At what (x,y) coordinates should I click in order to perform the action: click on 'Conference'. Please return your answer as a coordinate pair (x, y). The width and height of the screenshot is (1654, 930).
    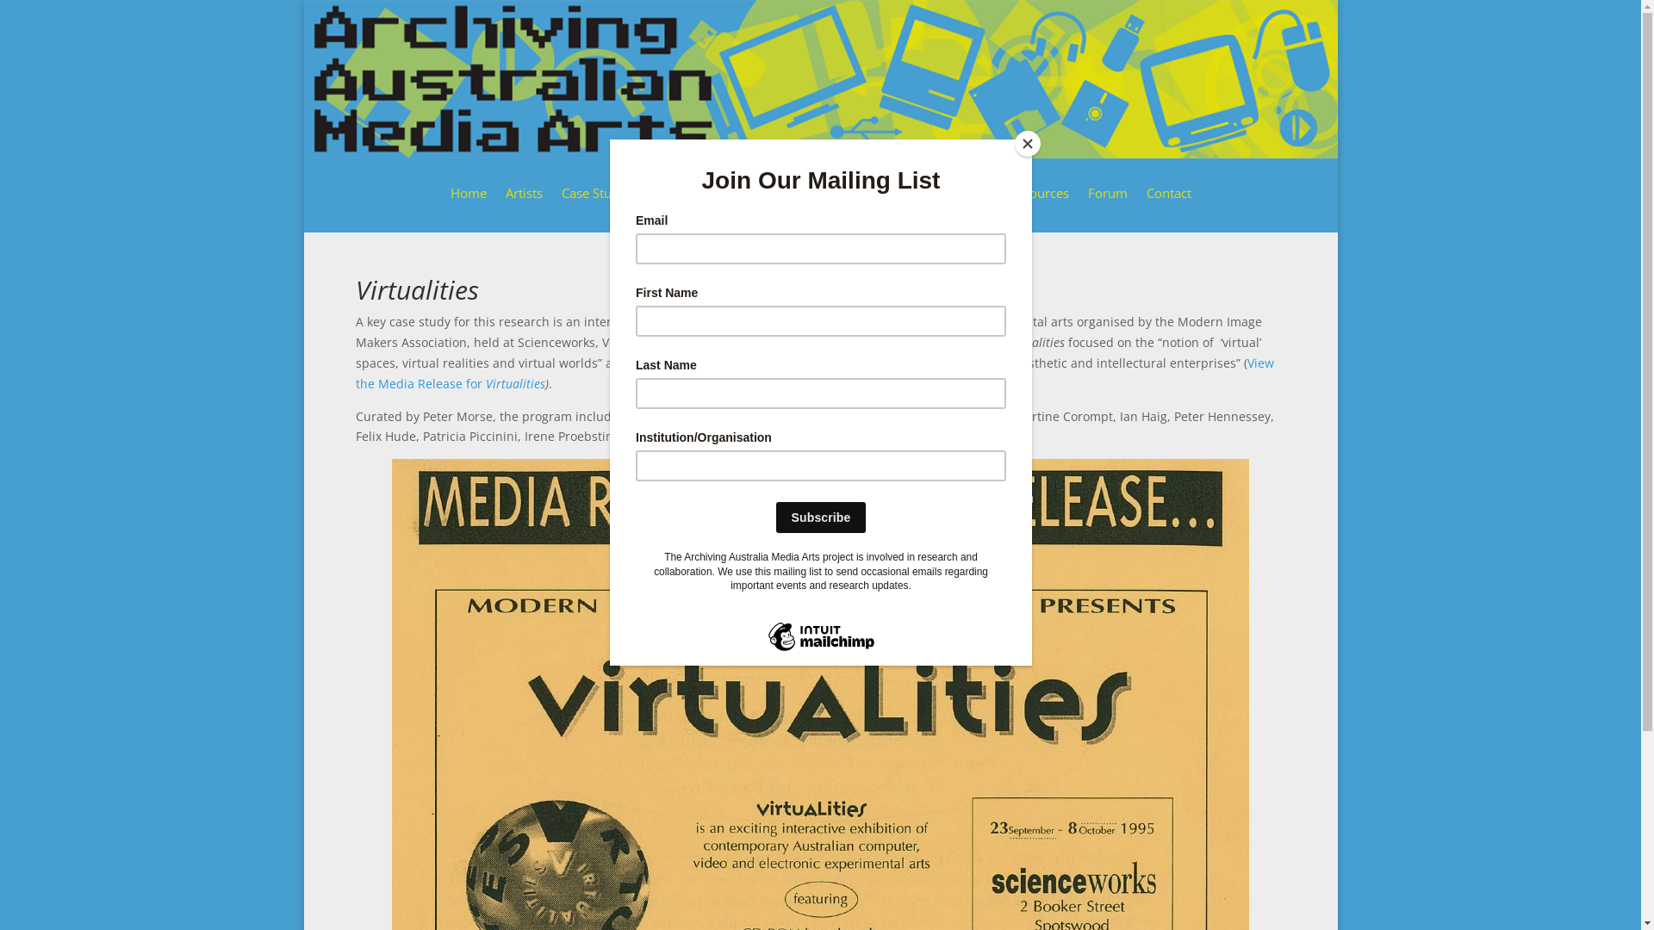
    Looking at the image, I should click on (900, 204).